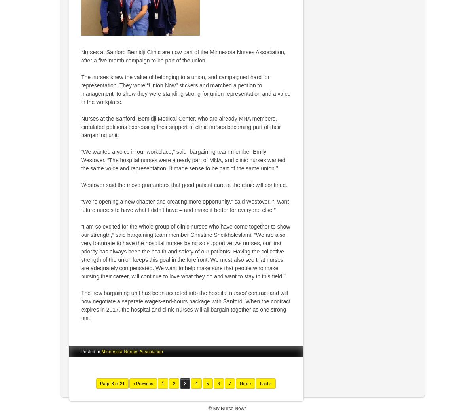 The width and height of the screenshot is (455, 418). Describe the element at coordinates (184, 184) in the screenshot. I see `'Westover said the move guarantees that good patient care at the clinic will continue.'` at that location.